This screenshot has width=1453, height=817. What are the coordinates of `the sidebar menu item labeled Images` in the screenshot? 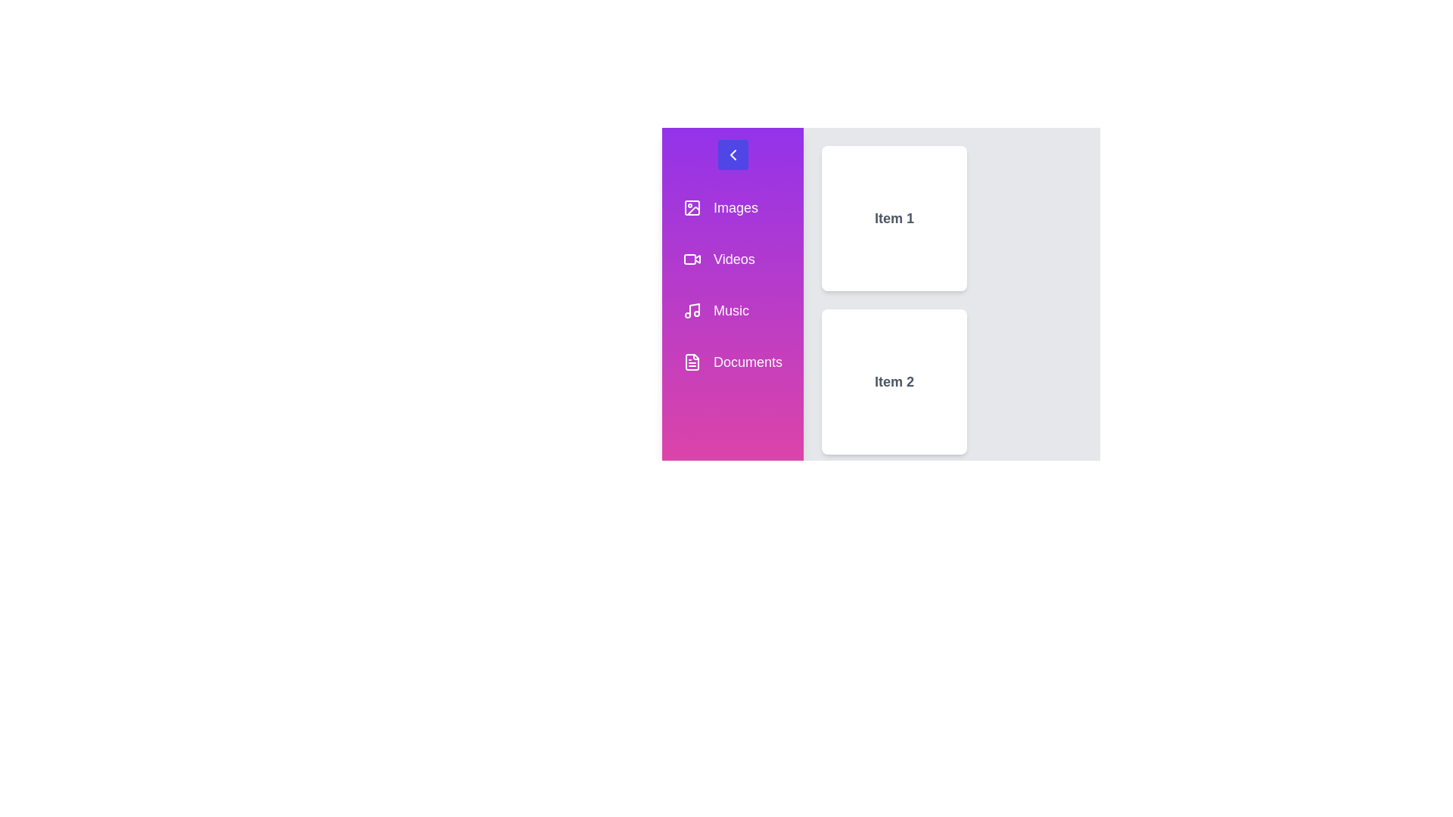 It's located at (733, 207).